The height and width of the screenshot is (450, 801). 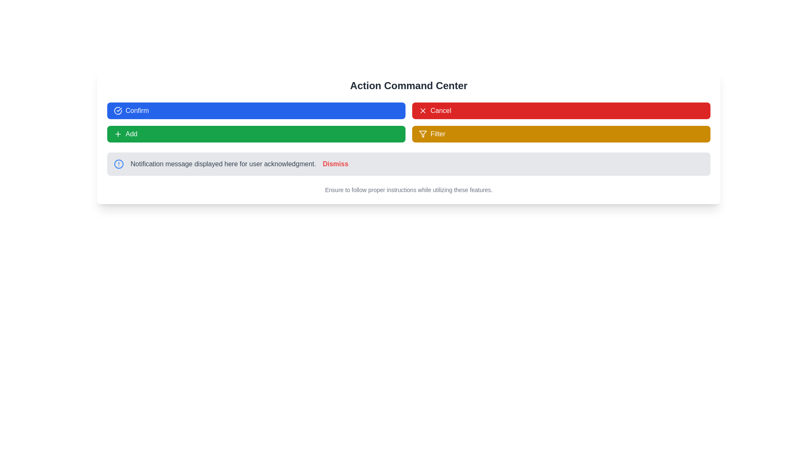 What do you see at coordinates (118, 133) in the screenshot?
I see `the center of the plus-shaped icon within the green 'Add' button` at bounding box center [118, 133].